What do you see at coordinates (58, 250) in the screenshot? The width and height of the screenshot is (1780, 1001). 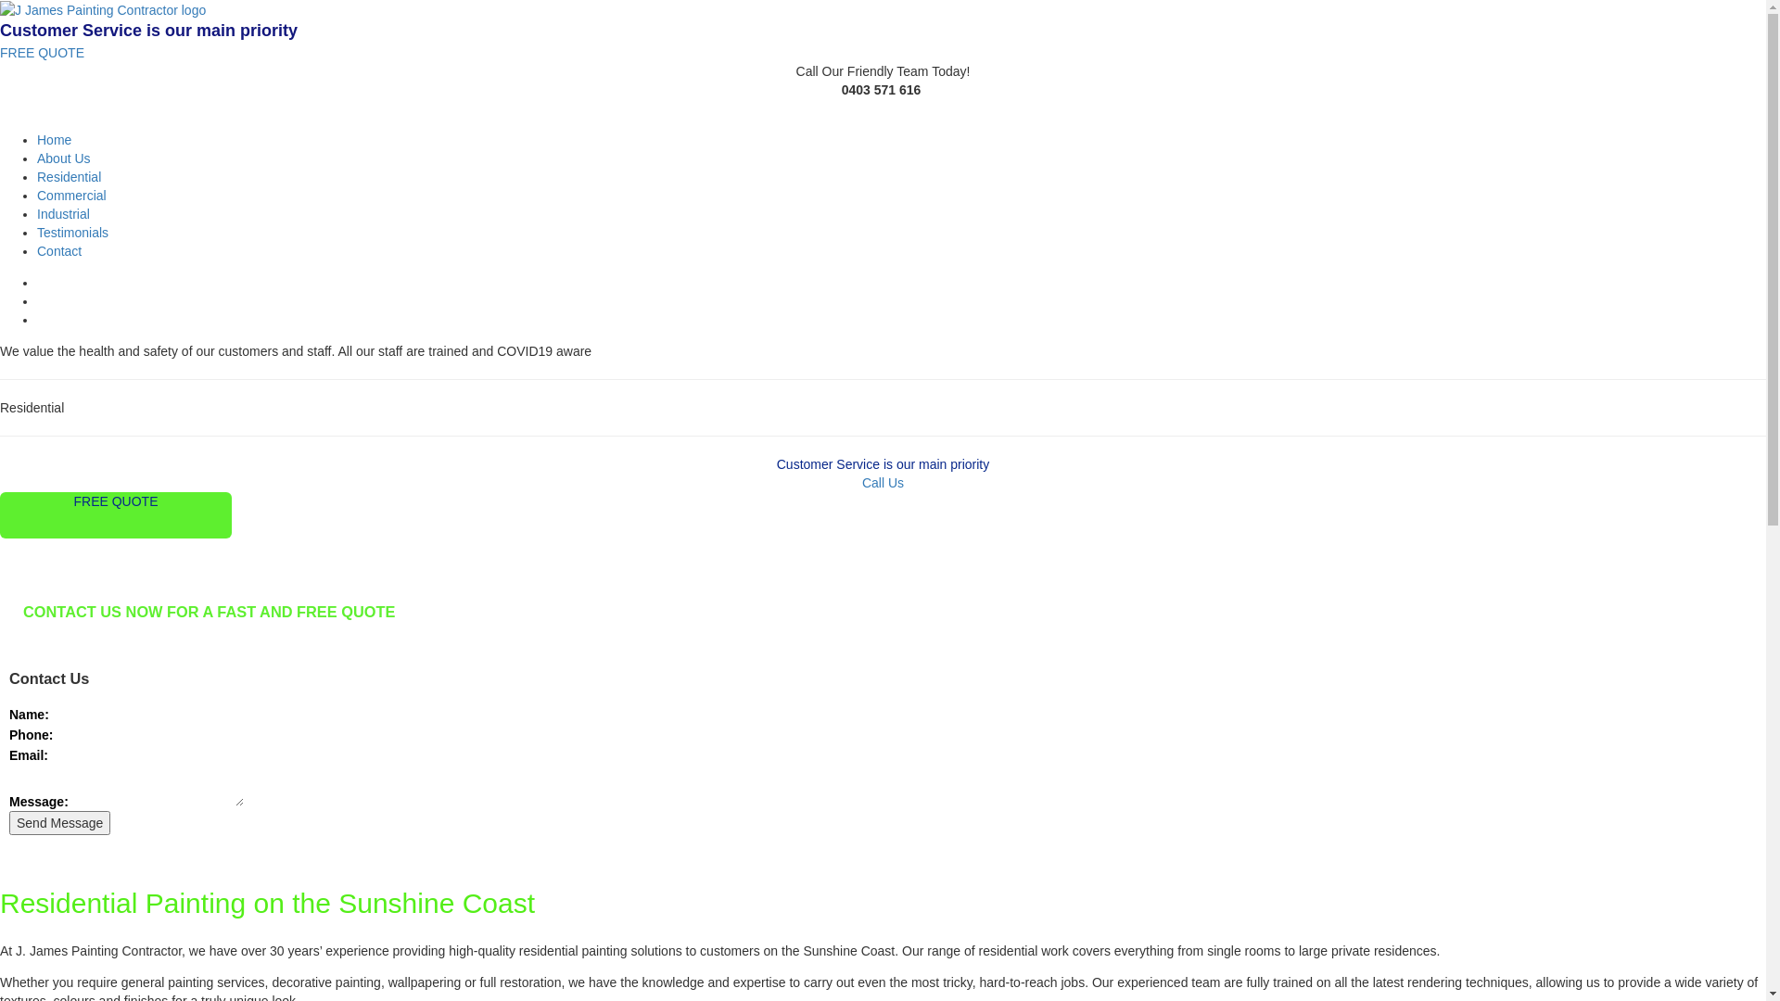 I see `'Contact'` at bounding box center [58, 250].